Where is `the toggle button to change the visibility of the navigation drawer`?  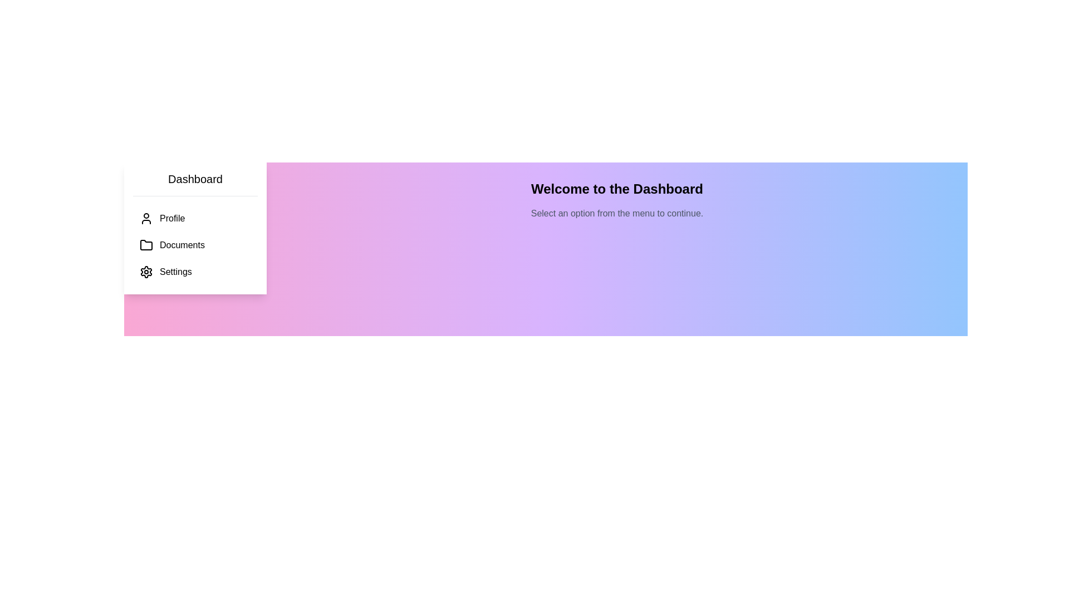 the toggle button to change the visibility of the navigation drawer is located at coordinates (144, 181).